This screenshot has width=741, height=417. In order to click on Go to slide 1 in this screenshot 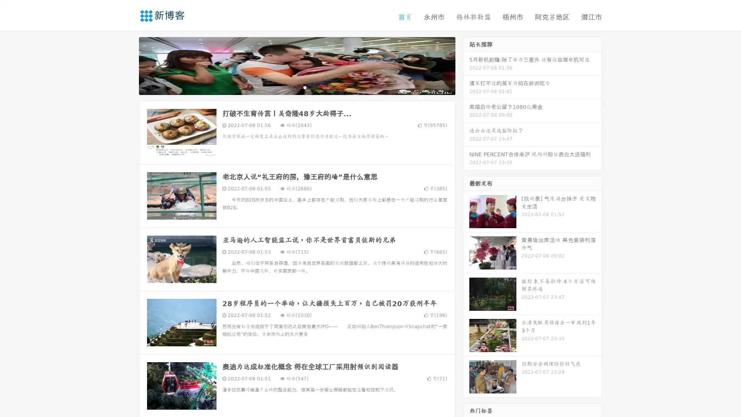, I will do `click(289, 87)`.